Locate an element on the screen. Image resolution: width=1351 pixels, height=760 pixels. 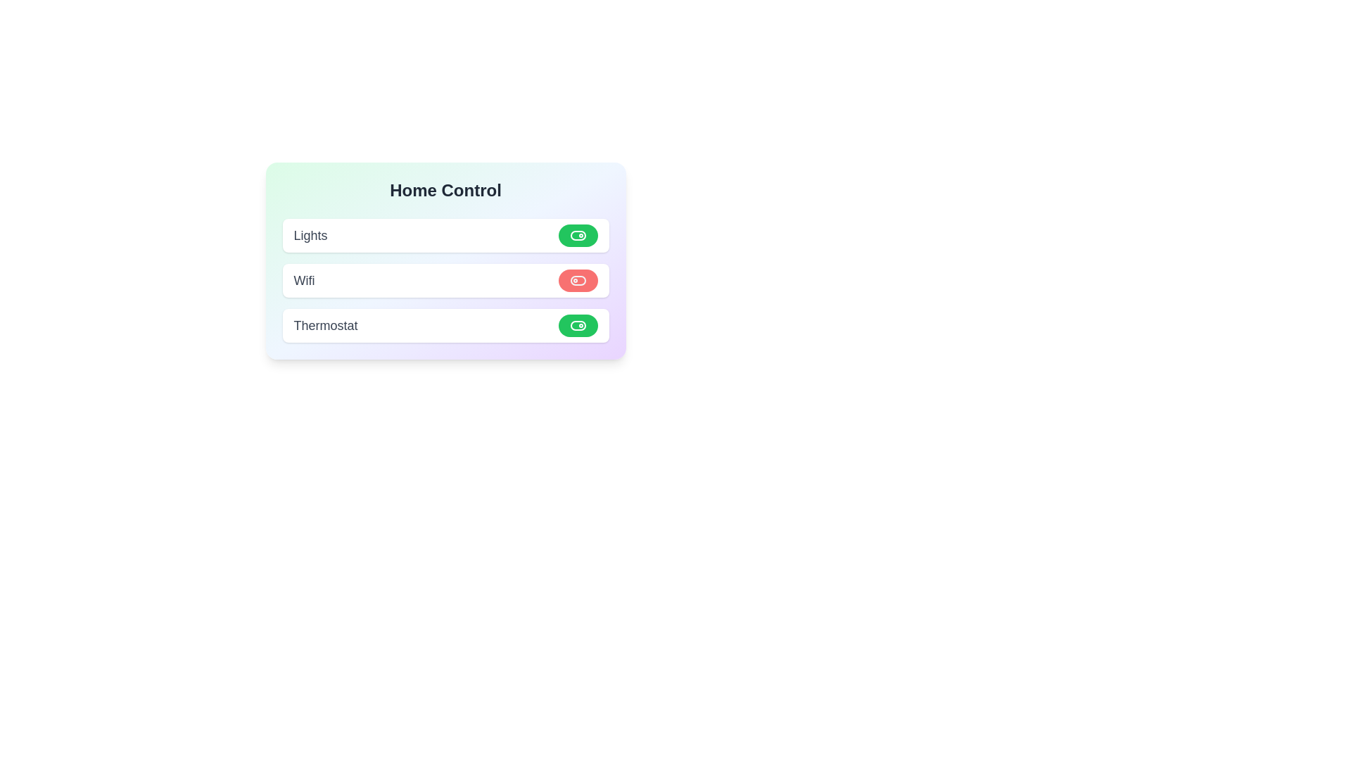
the toggle switch for Wifi, which is styled with a red background and has a circular marker on the left side, to potentially reveal a tooltip or effects is located at coordinates (578, 280).